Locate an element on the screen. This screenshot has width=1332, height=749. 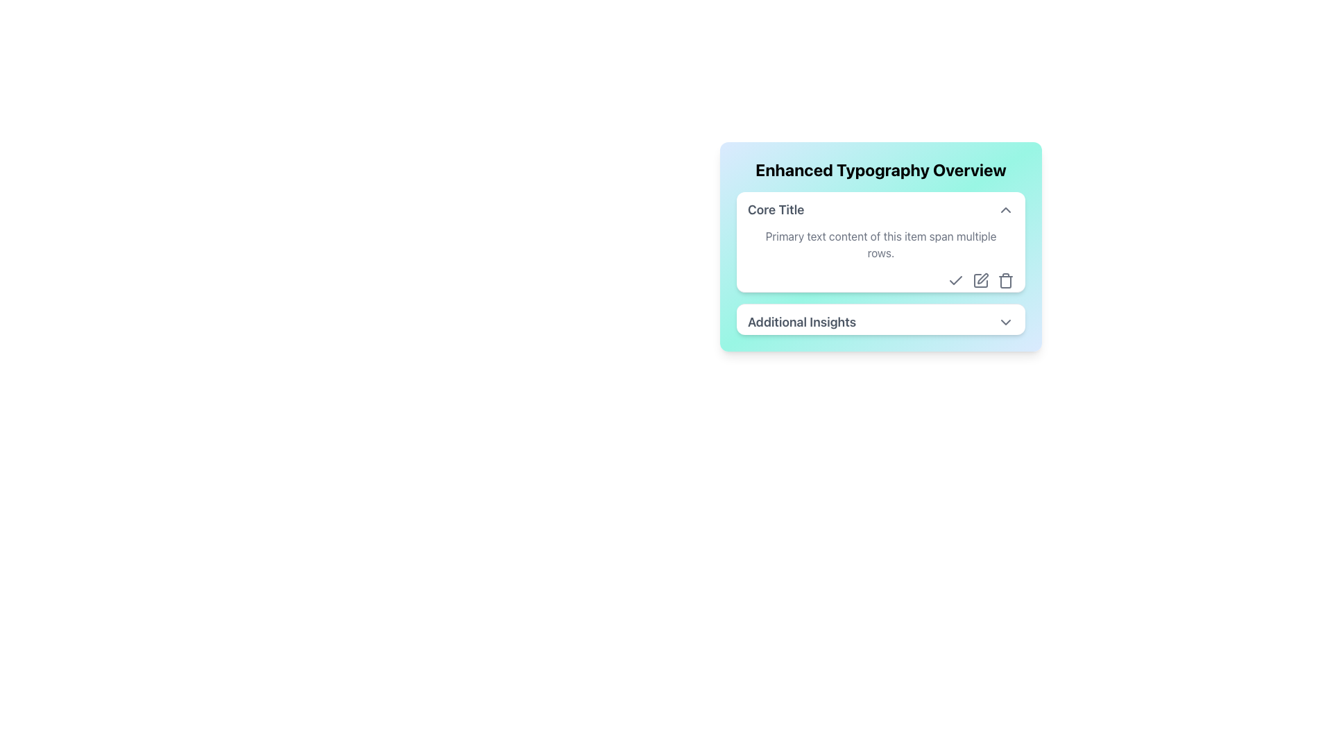
the chevron icon button located at the rightmost end of the 'Additional Insights' section to trigger potential tooltips is located at coordinates (1005, 322).